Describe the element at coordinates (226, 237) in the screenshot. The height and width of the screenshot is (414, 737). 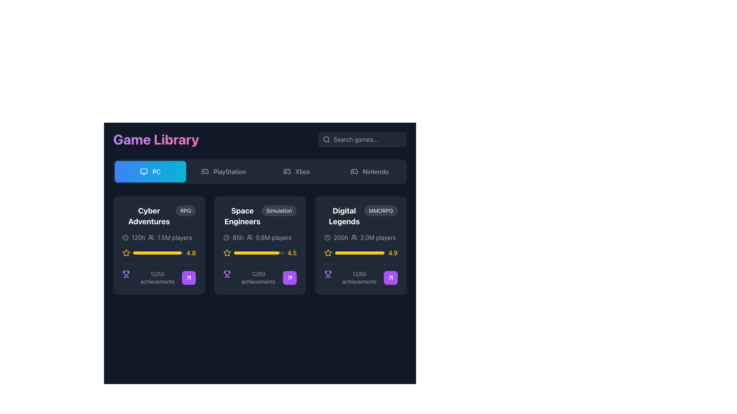
I see `the small circular clock icon with gray shades located next to the text '85h' in the second card titled 'Space Engineers'` at that location.